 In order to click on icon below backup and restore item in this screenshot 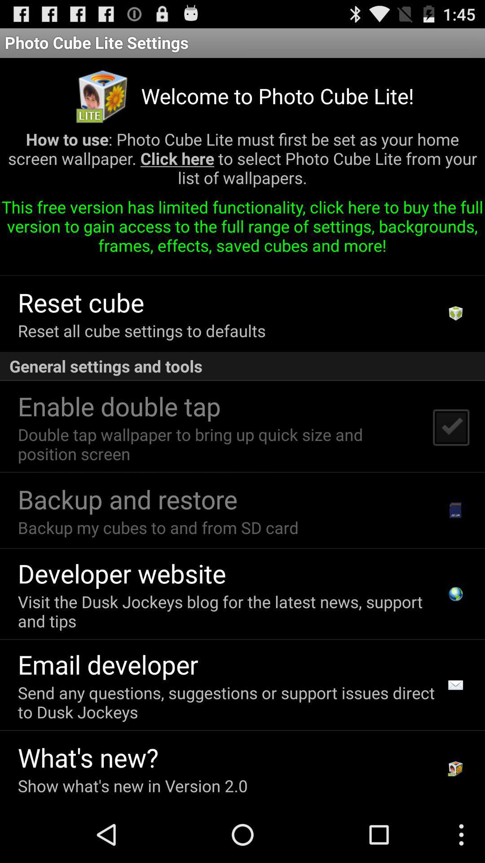, I will do `click(158, 527)`.